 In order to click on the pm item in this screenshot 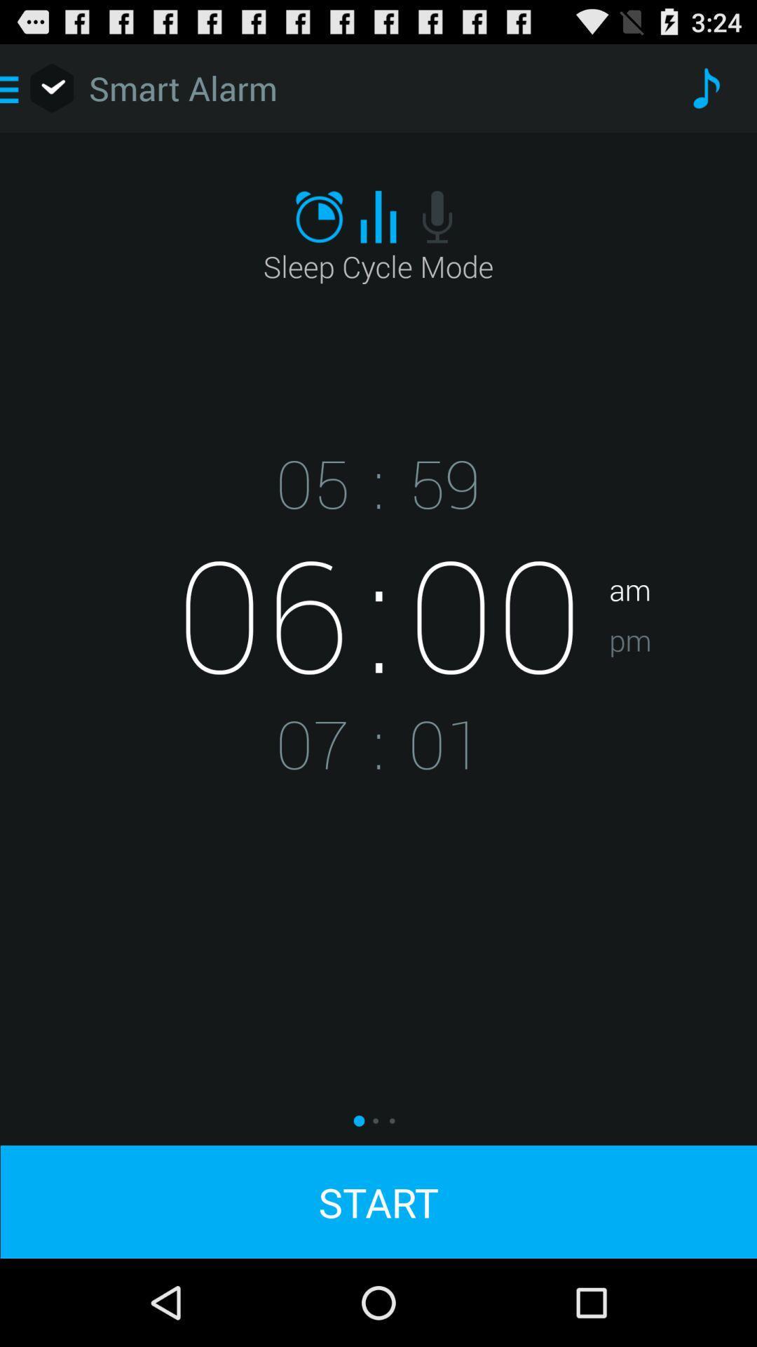, I will do `click(682, 684)`.